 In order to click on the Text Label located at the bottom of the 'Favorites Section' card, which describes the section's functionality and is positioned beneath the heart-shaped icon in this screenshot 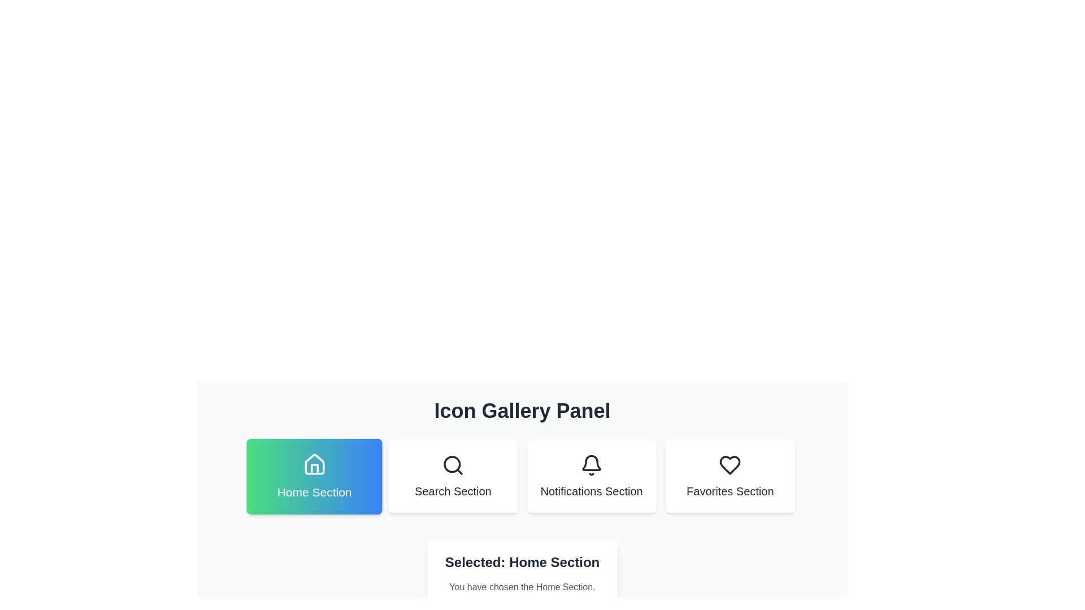, I will do `click(730, 491)`.